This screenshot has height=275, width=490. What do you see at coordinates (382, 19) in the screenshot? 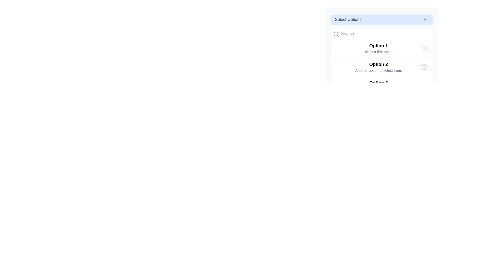
I see `the Dropdown Button labeled 'Select Options' with a light blue background` at bounding box center [382, 19].